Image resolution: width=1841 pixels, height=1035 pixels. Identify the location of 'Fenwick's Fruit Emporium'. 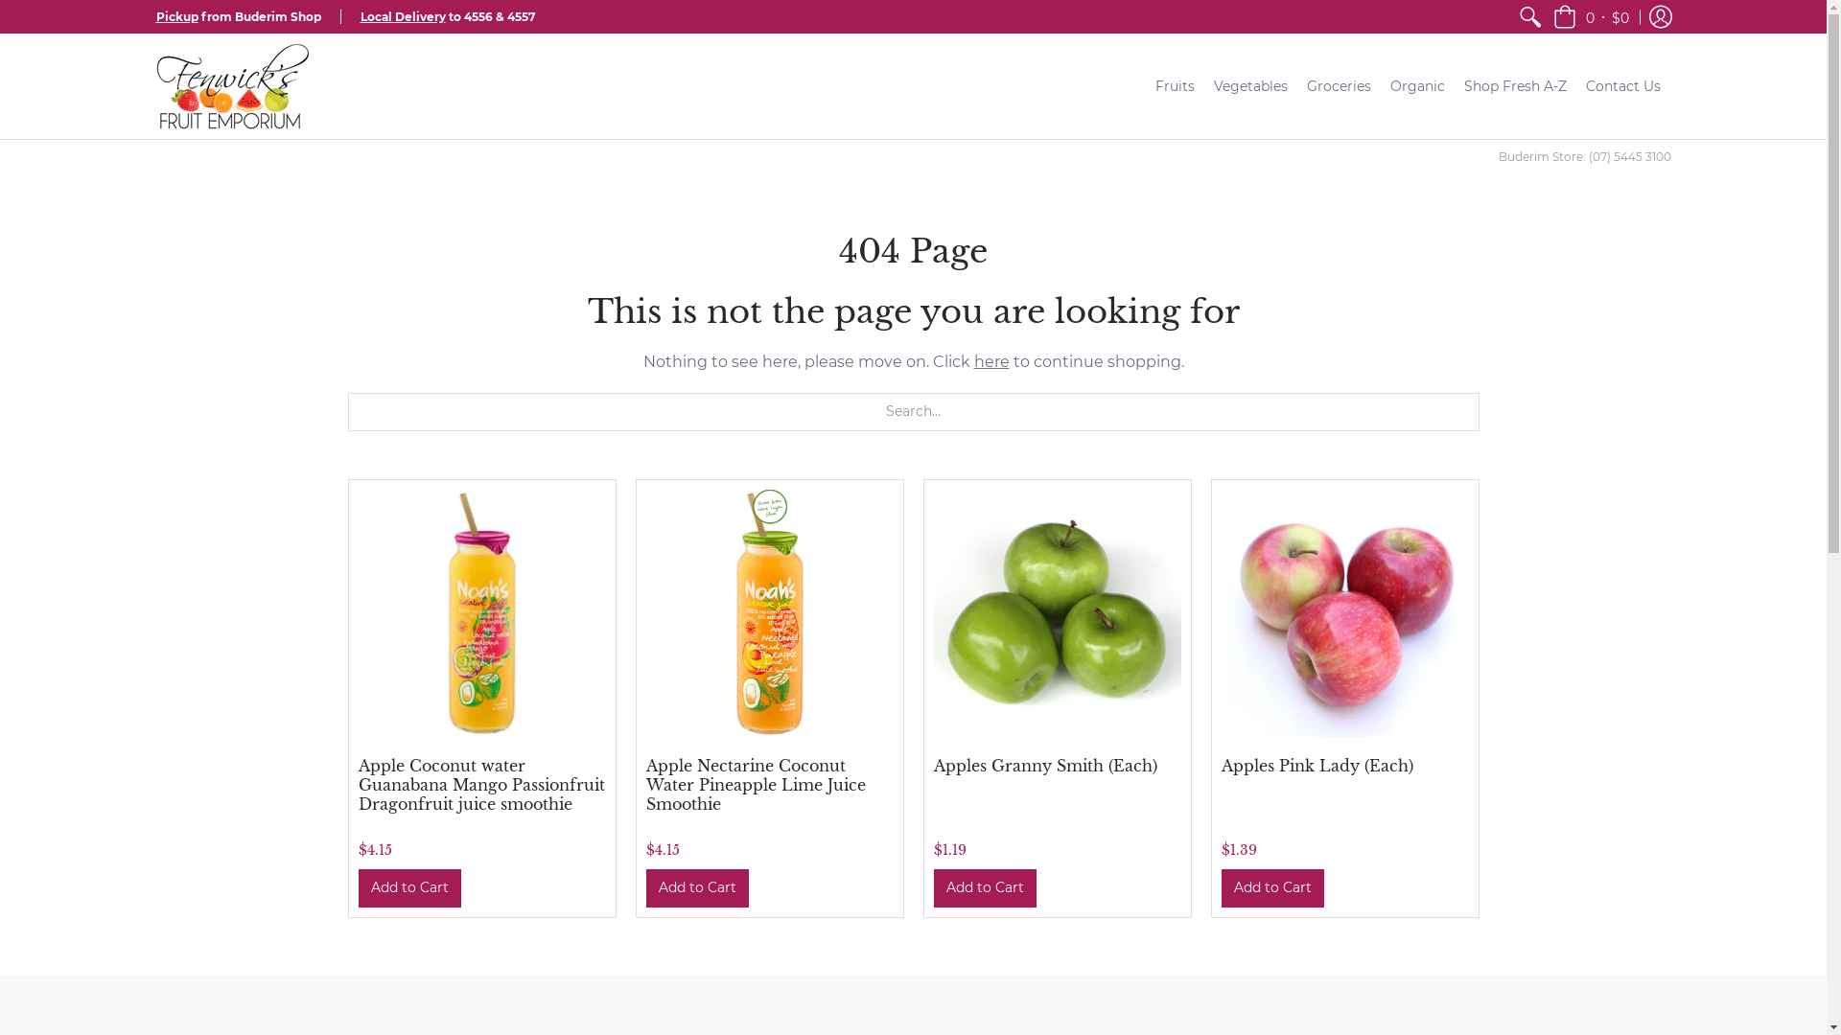
(230, 84).